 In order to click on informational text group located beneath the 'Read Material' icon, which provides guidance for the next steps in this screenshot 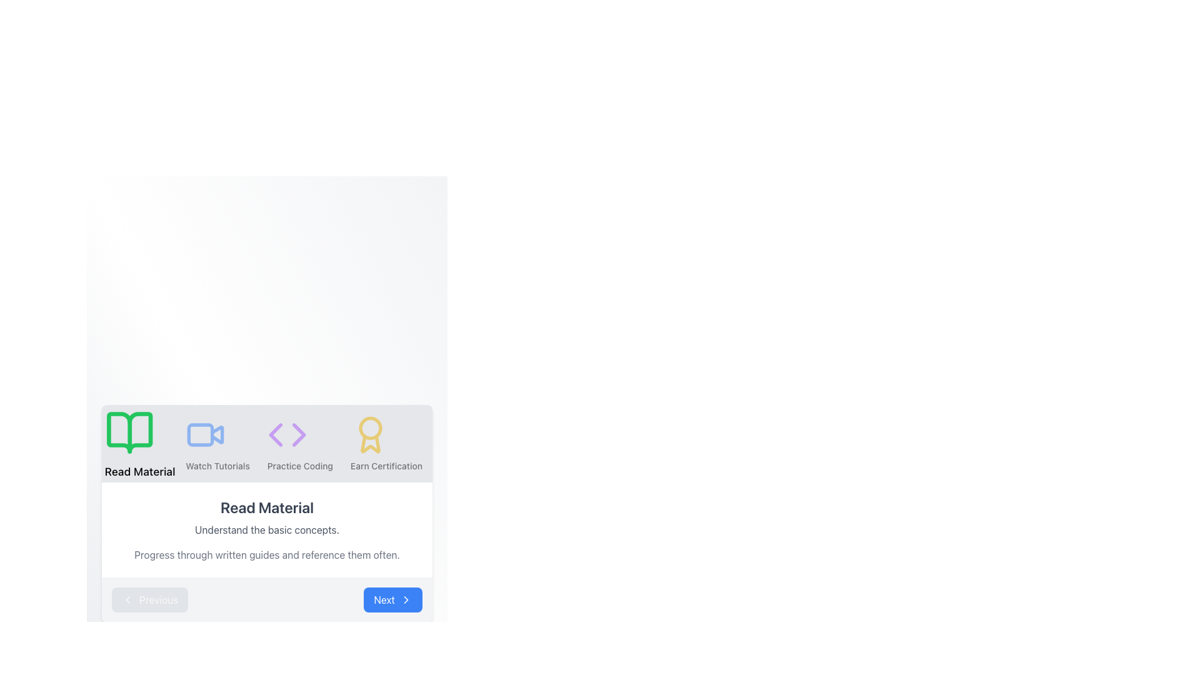, I will do `click(266, 530)`.